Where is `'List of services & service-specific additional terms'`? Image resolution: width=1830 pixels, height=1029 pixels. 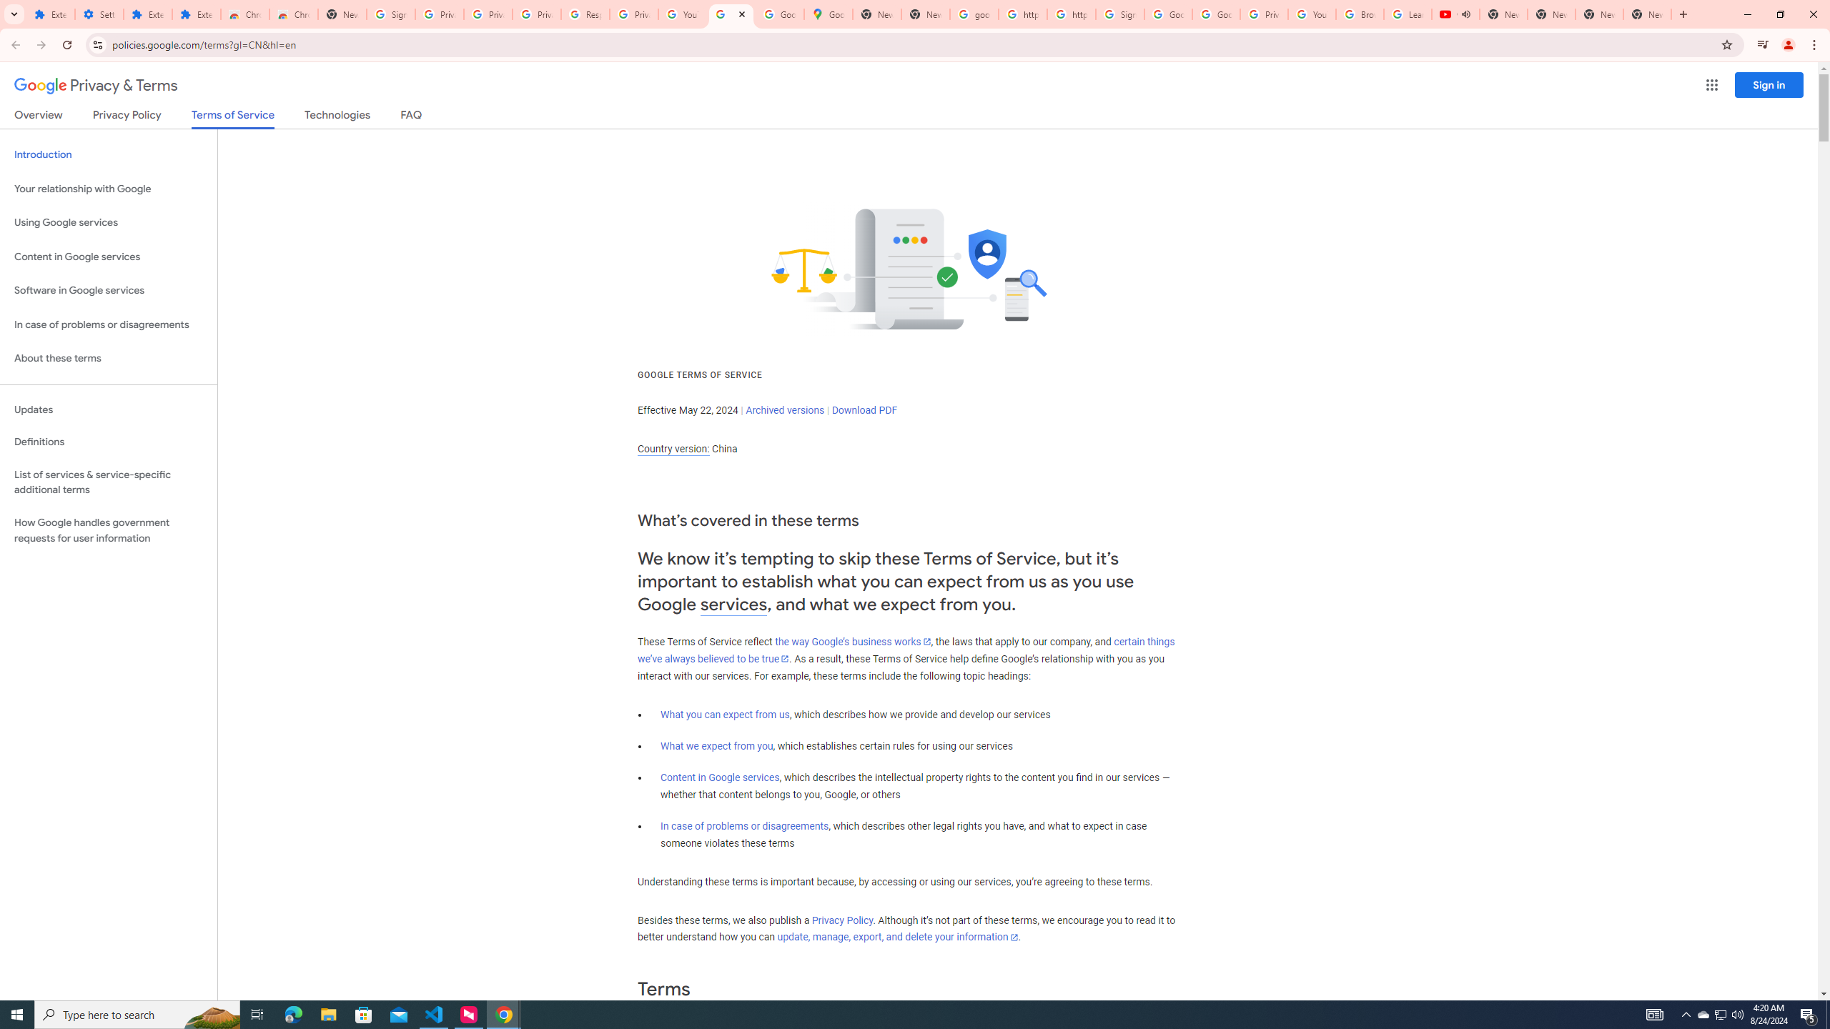 'List of services & service-specific additional terms' is located at coordinates (108, 482).